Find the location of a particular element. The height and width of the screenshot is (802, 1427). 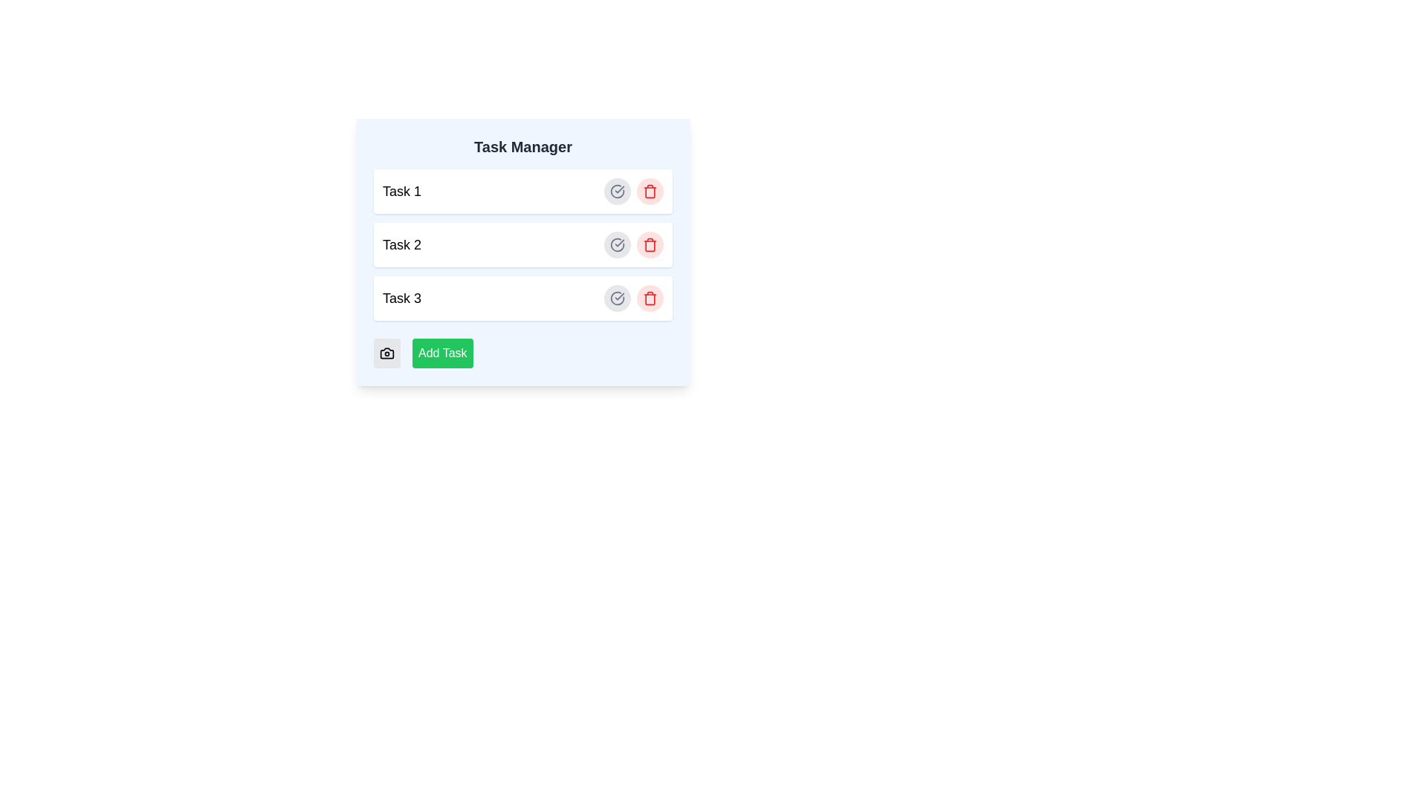

the trash-can-shaped icon button with red styling located to the far-right side of the task labeled 'Task 3' is located at coordinates (650, 298).